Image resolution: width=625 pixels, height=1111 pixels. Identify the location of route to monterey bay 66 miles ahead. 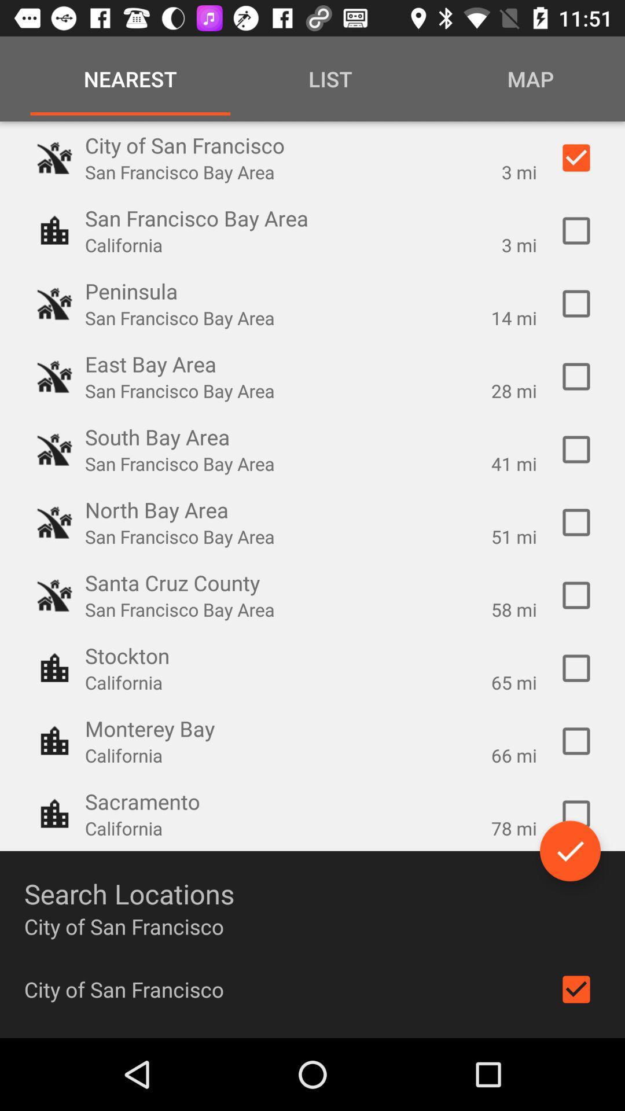
(576, 741).